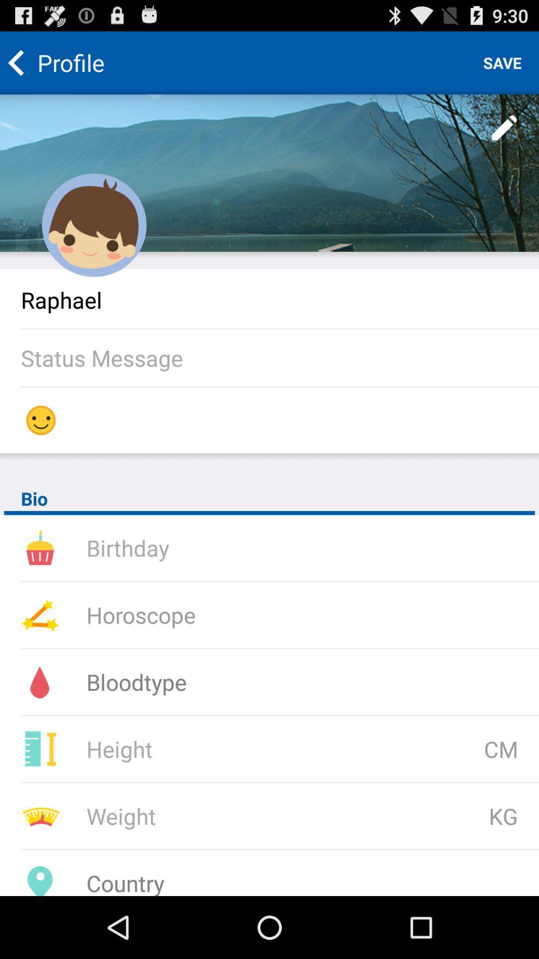 Image resolution: width=539 pixels, height=959 pixels. I want to click on birthday text, so click(219, 547).